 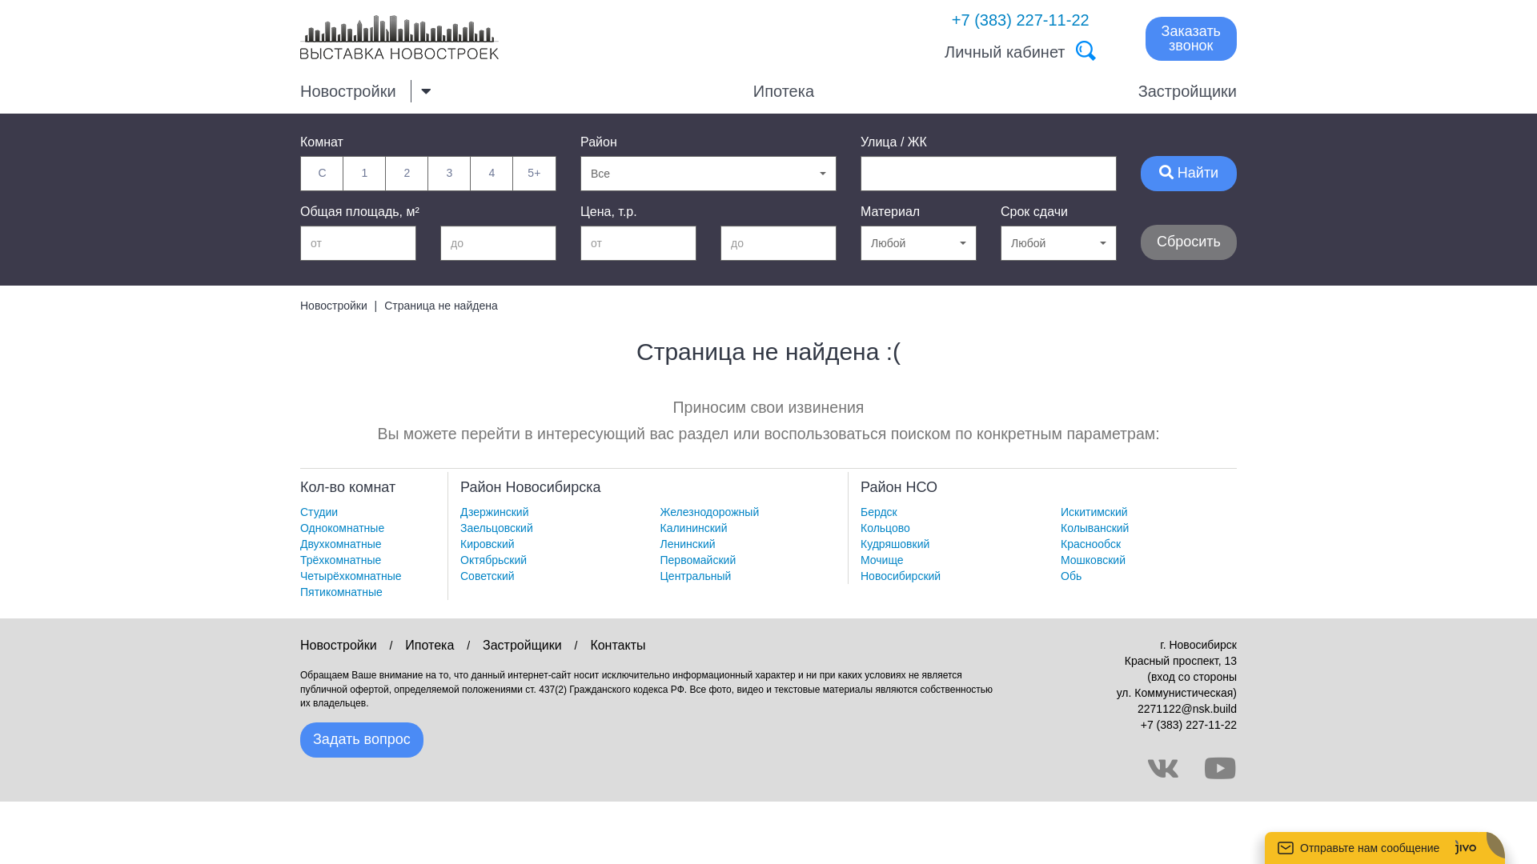 What do you see at coordinates (1020, 19) in the screenshot?
I see `'+7 (383) 227-11-22'` at bounding box center [1020, 19].